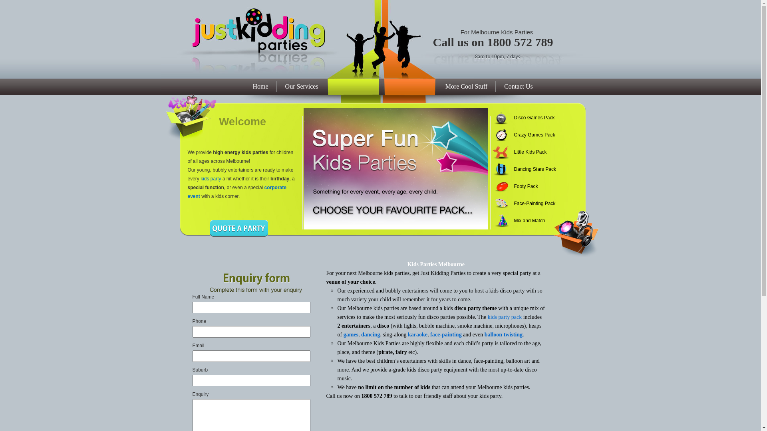  Describe the element at coordinates (531, 169) in the screenshot. I see `'Dancing Stars Pack'` at that location.